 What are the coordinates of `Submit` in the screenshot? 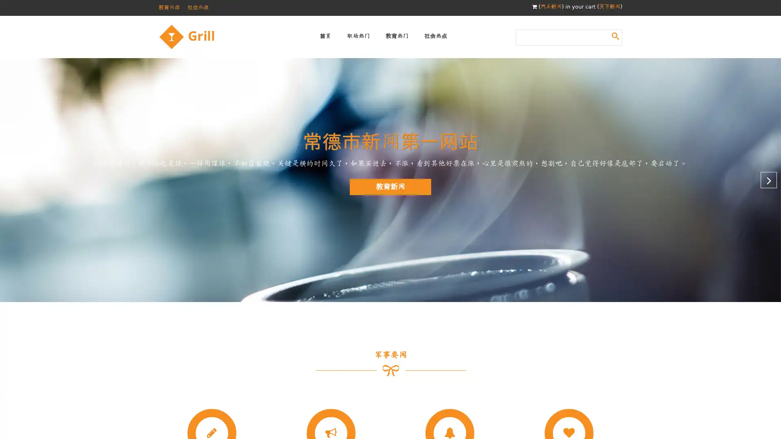 It's located at (615, 35).